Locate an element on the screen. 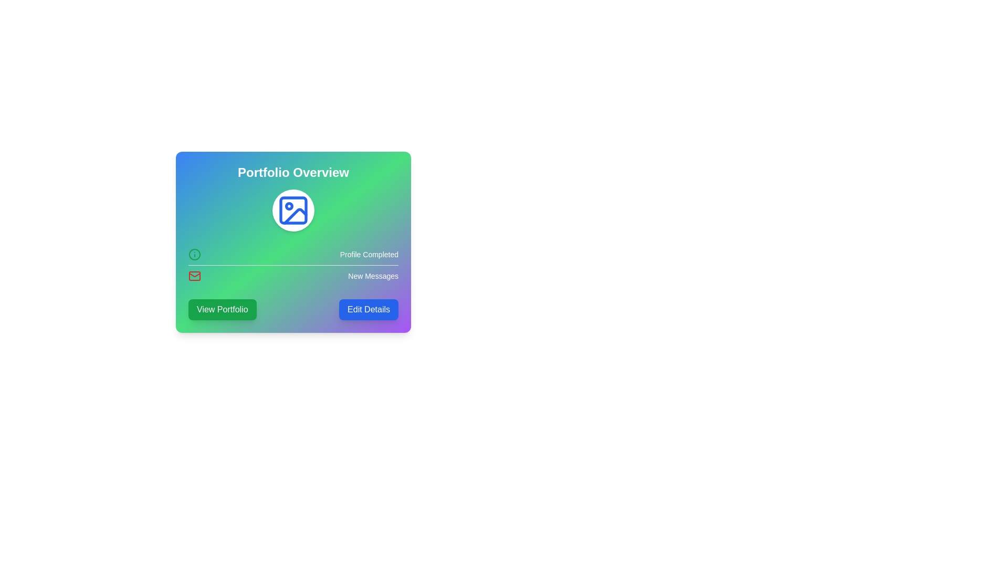  the triangular shape of the landscape icon located in the lower right section of the 'Portfolio Overview' card icon is located at coordinates (295, 216).